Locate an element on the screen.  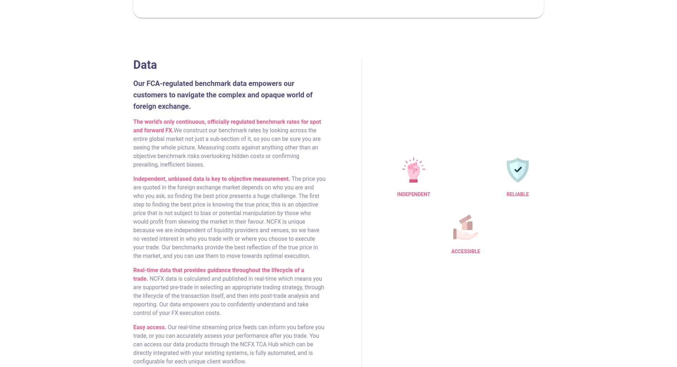
'Independent, unbiased data is key to objective measurement.' is located at coordinates (211, 178).